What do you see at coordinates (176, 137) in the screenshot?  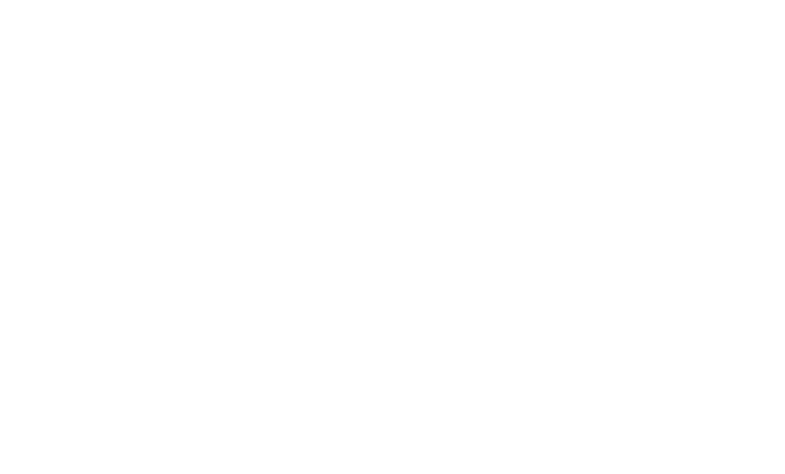 I see `'iPhone 6 Plus'` at bounding box center [176, 137].